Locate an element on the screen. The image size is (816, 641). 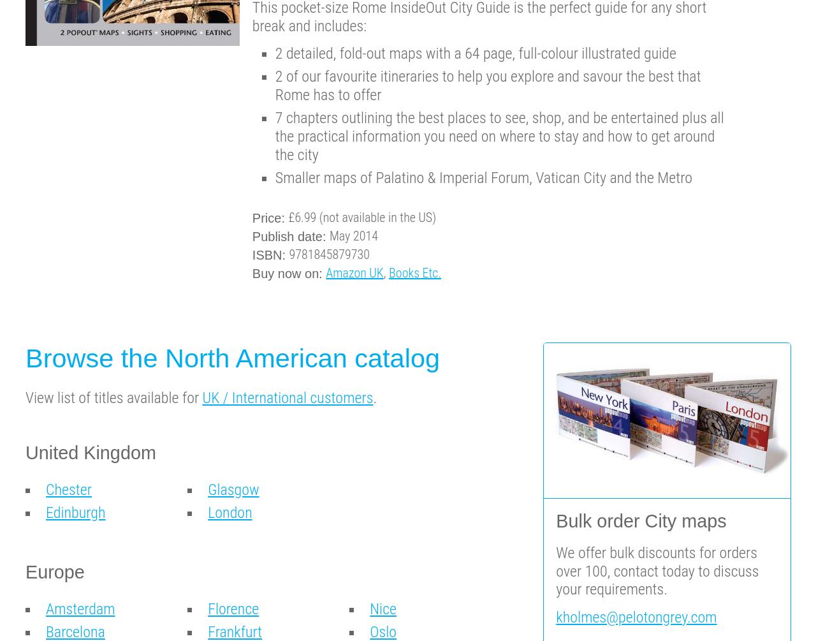
'London' is located at coordinates (229, 513).